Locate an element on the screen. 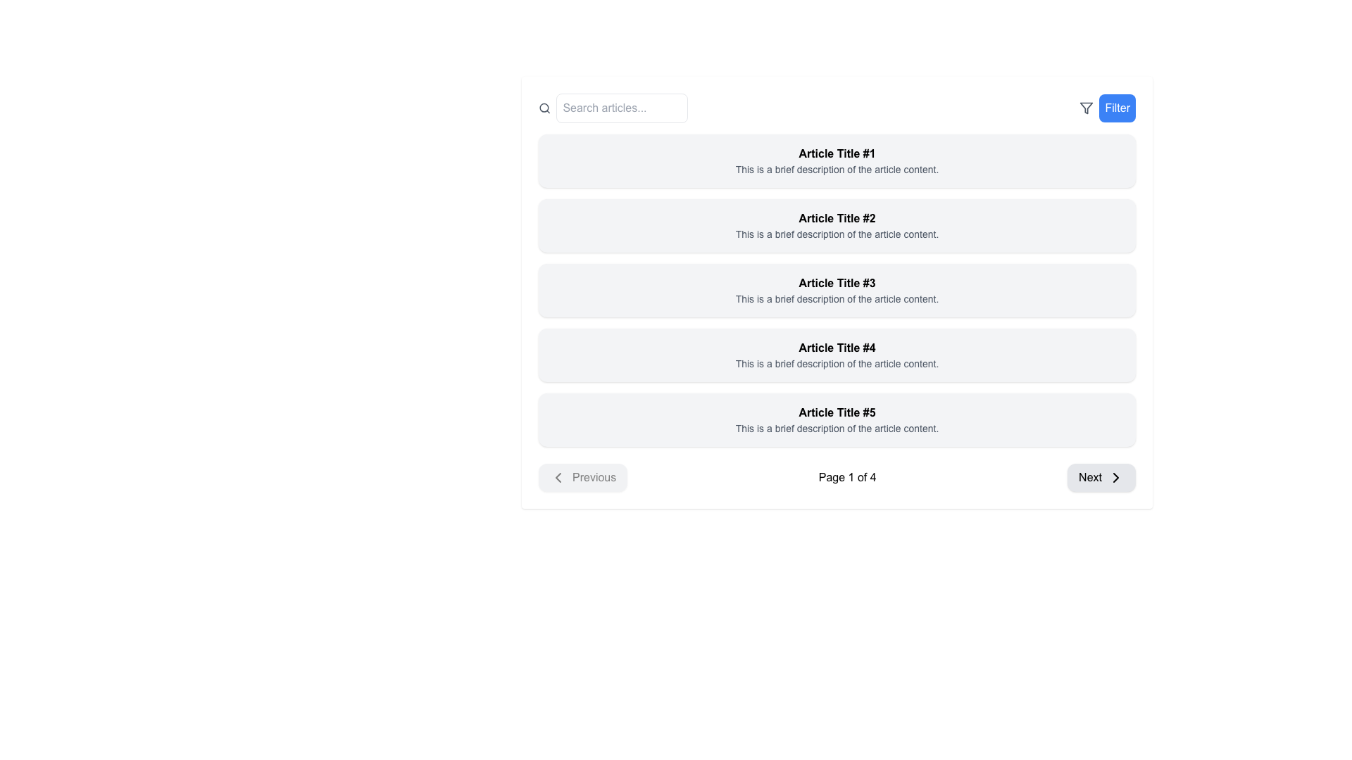 The width and height of the screenshot is (1352, 760). the filtering options button located in the top-right corner of the layout above the article list is located at coordinates (1107, 108).